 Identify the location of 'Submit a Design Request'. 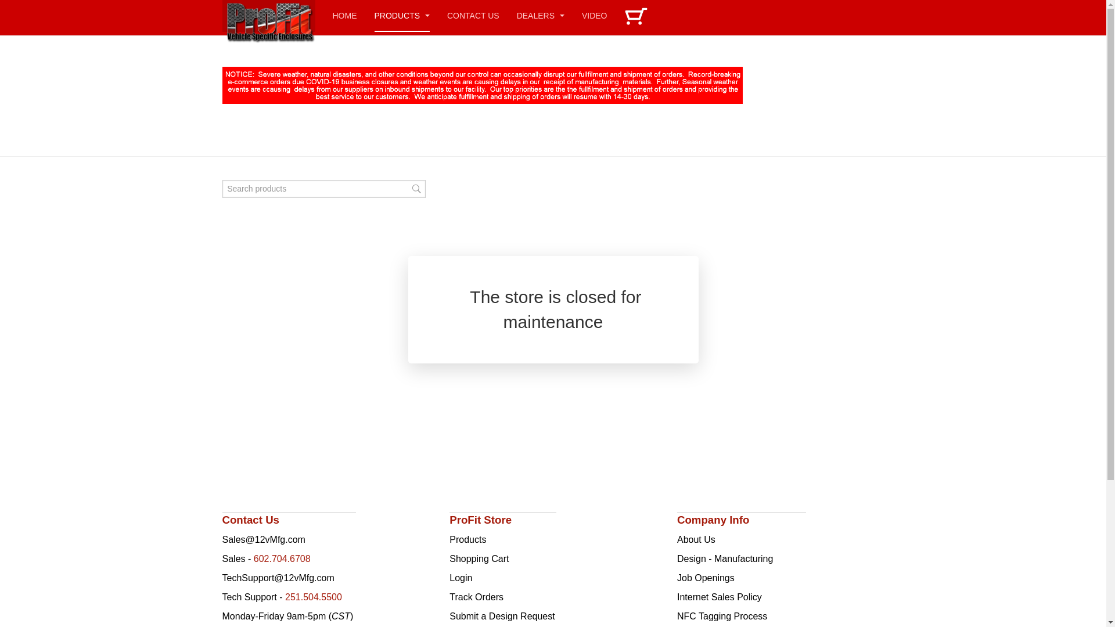
(502, 615).